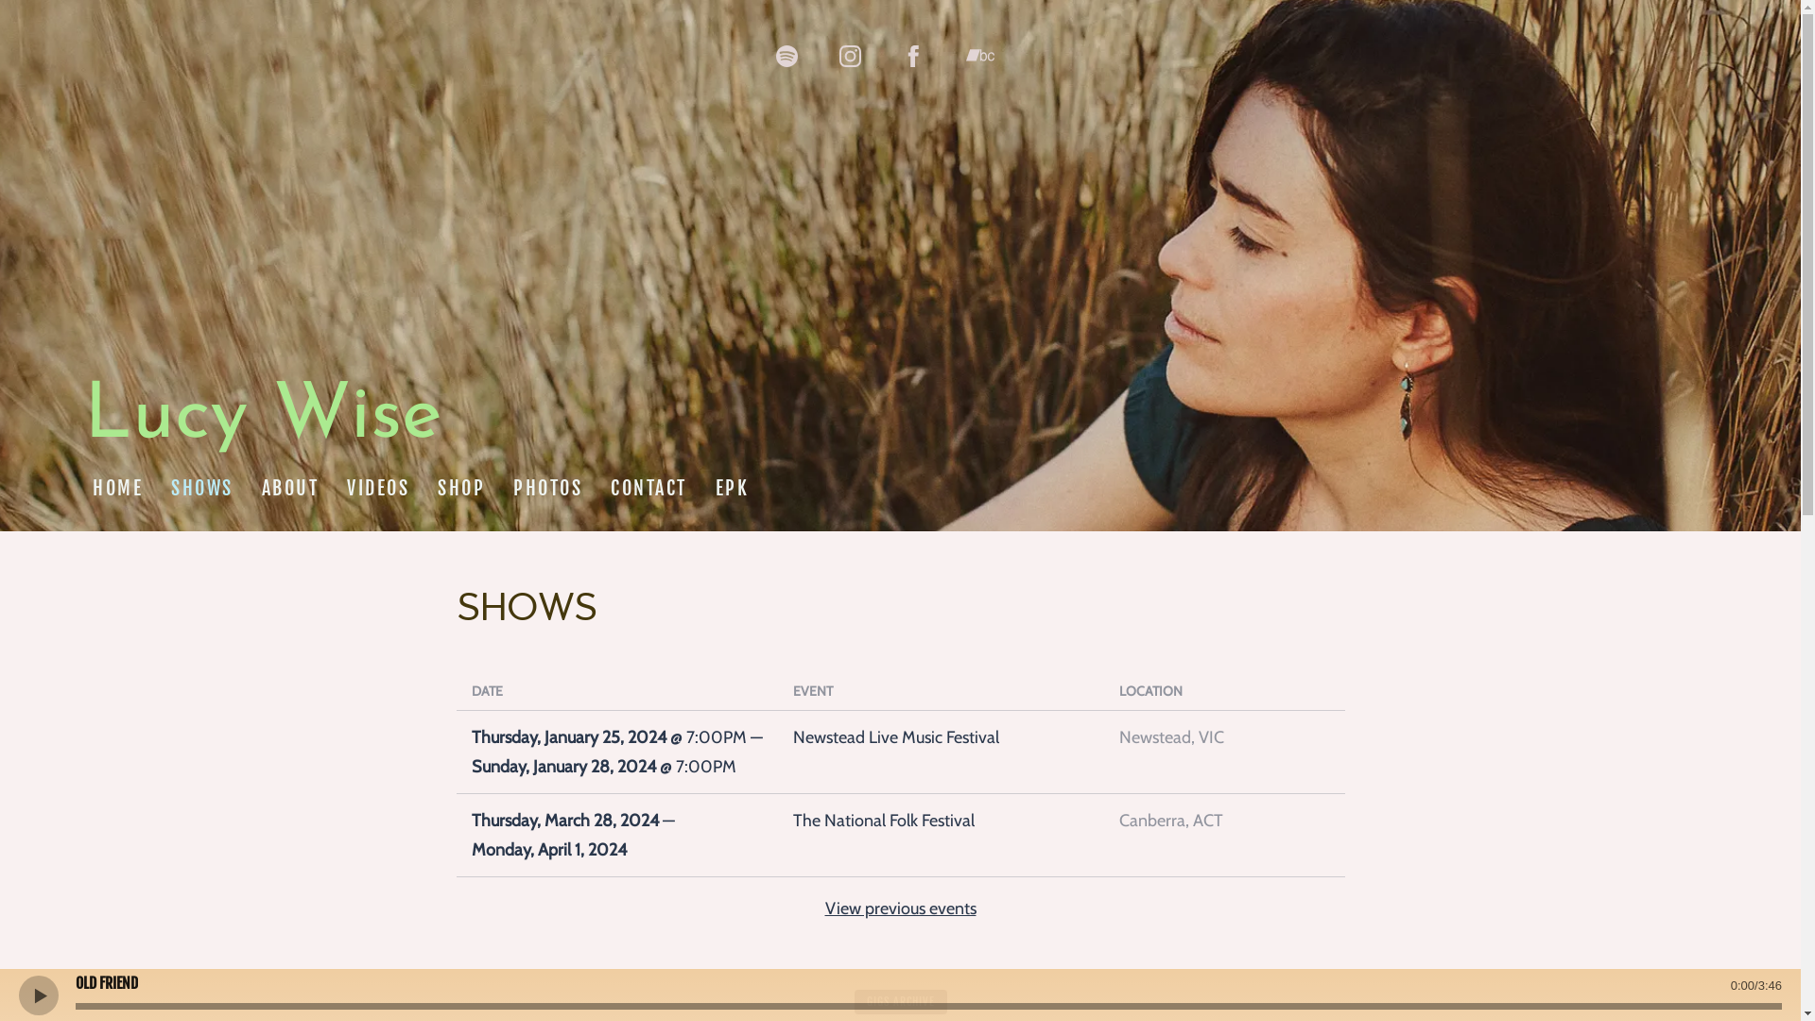  What do you see at coordinates (461, 487) in the screenshot?
I see `'SHOP'` at bounding box center [461, 487].